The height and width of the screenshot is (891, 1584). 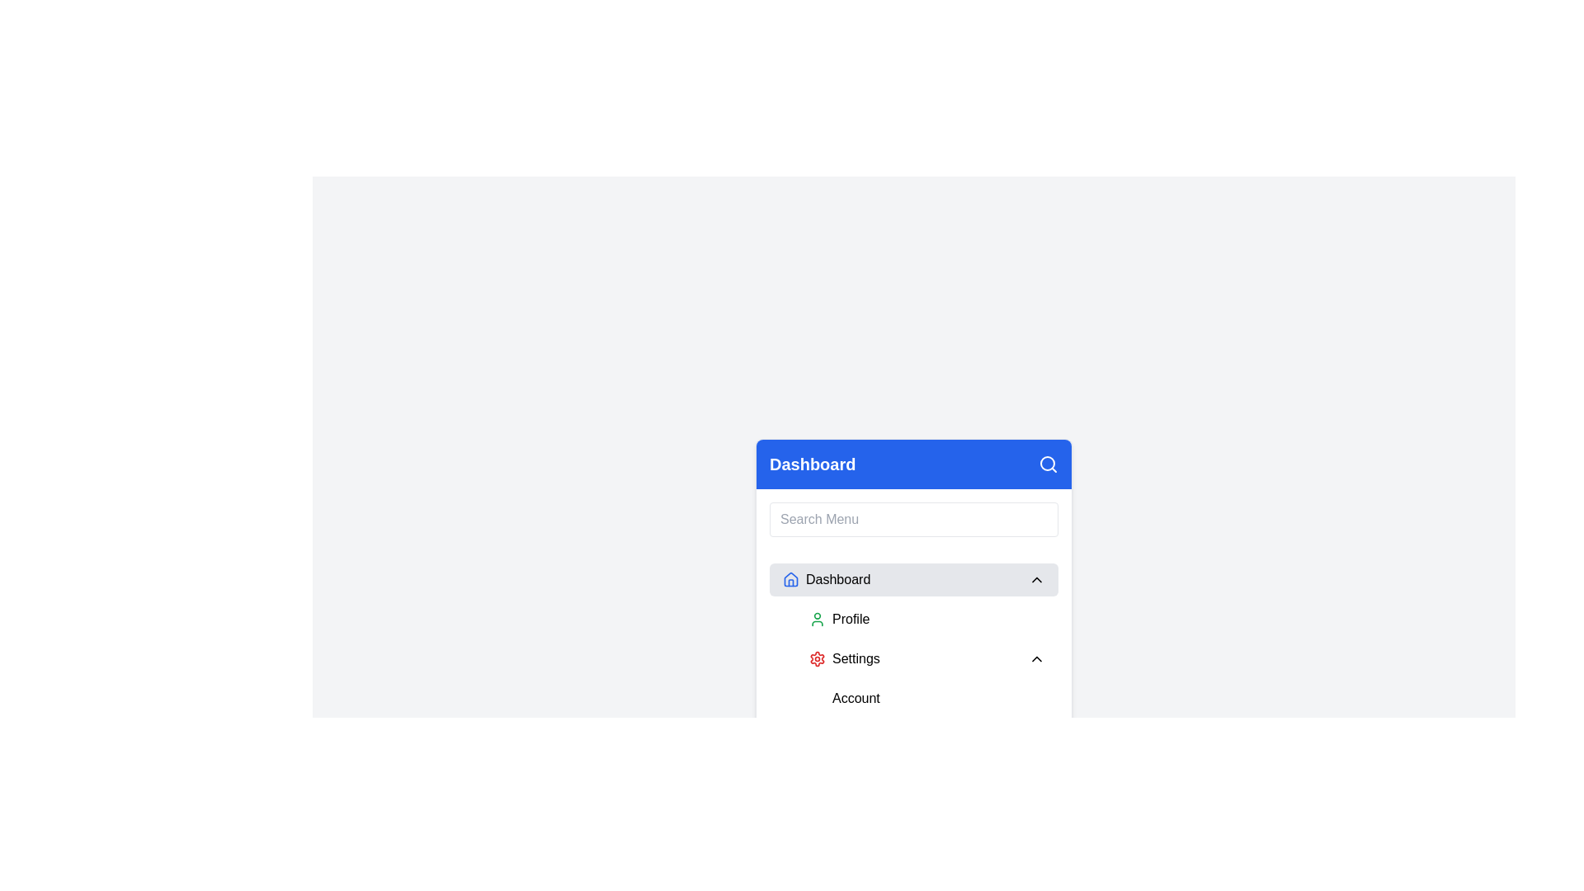 What do you see at coordinates (913, 677) in the screenshot?
I see `the centrally located dropdown menu beneath the 'Dashboard' title` at bounding box center [913, 677].